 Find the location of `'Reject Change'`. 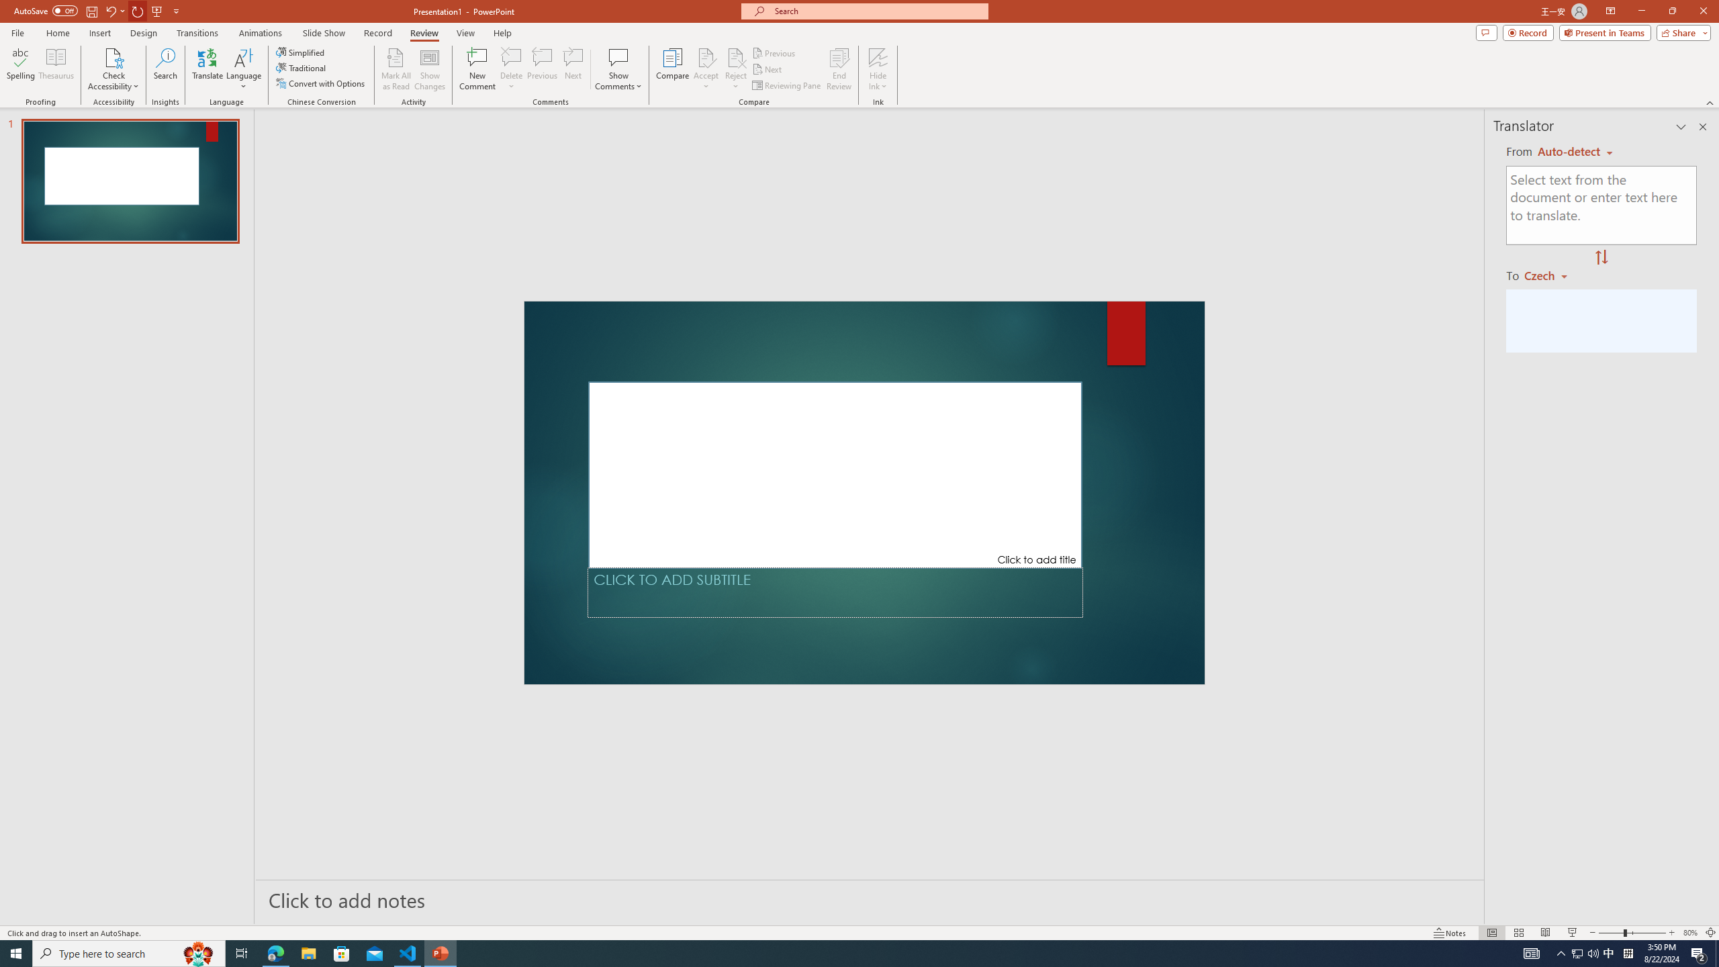

'Reject Change' is located at coordinates (735, 56).